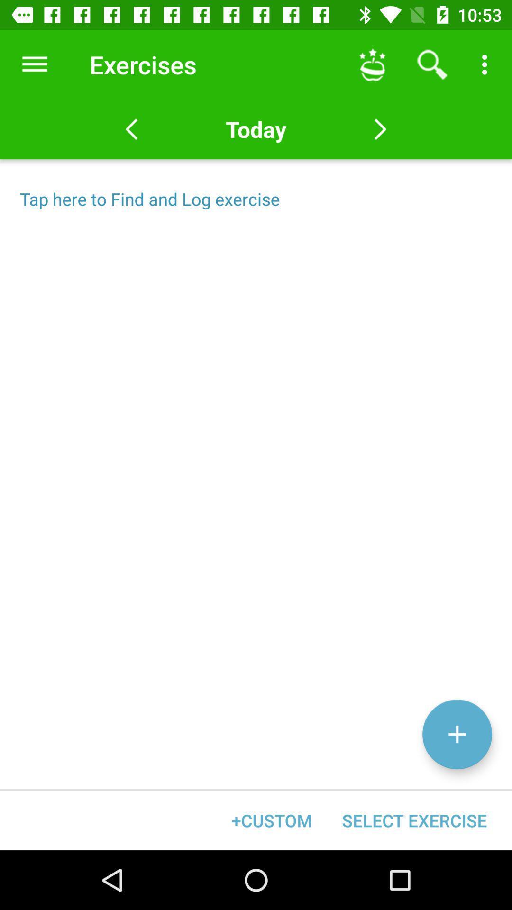 This screenshot has width=512, height=910. What do you see at coordinates (414, 820) in the screenshot?
I see `icon next to the +custom item` at bounding box center [414, 820].